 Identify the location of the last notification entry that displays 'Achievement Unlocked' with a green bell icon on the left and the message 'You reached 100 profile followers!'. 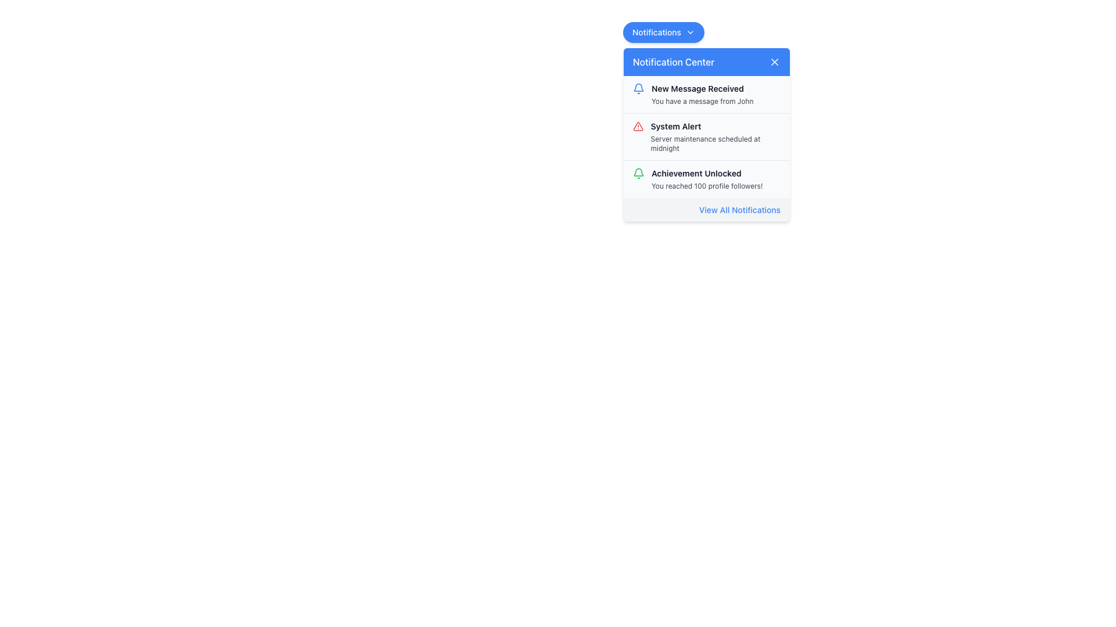
(706, 179).